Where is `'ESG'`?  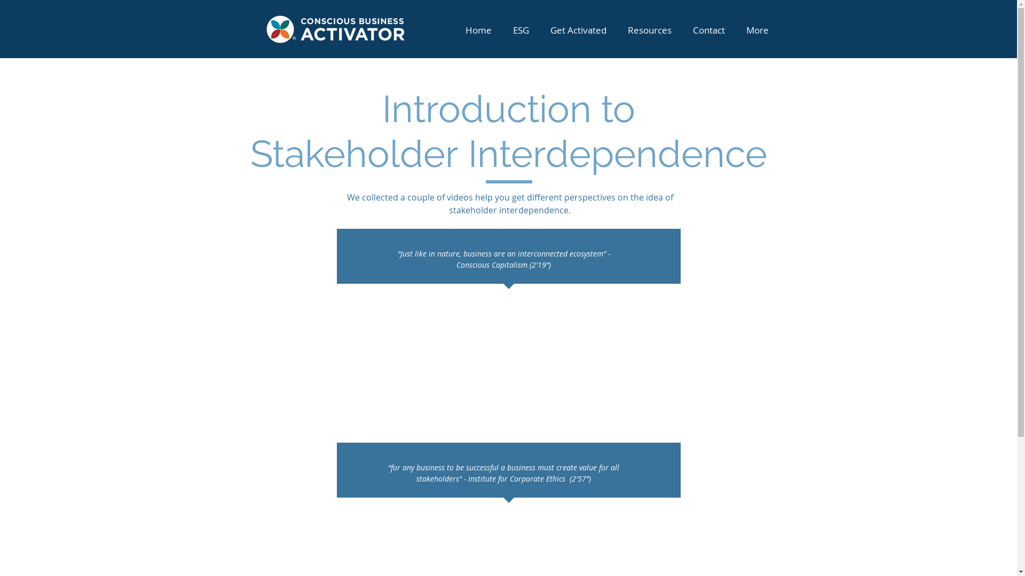 'ESG' is located at coordinates (520, 29).